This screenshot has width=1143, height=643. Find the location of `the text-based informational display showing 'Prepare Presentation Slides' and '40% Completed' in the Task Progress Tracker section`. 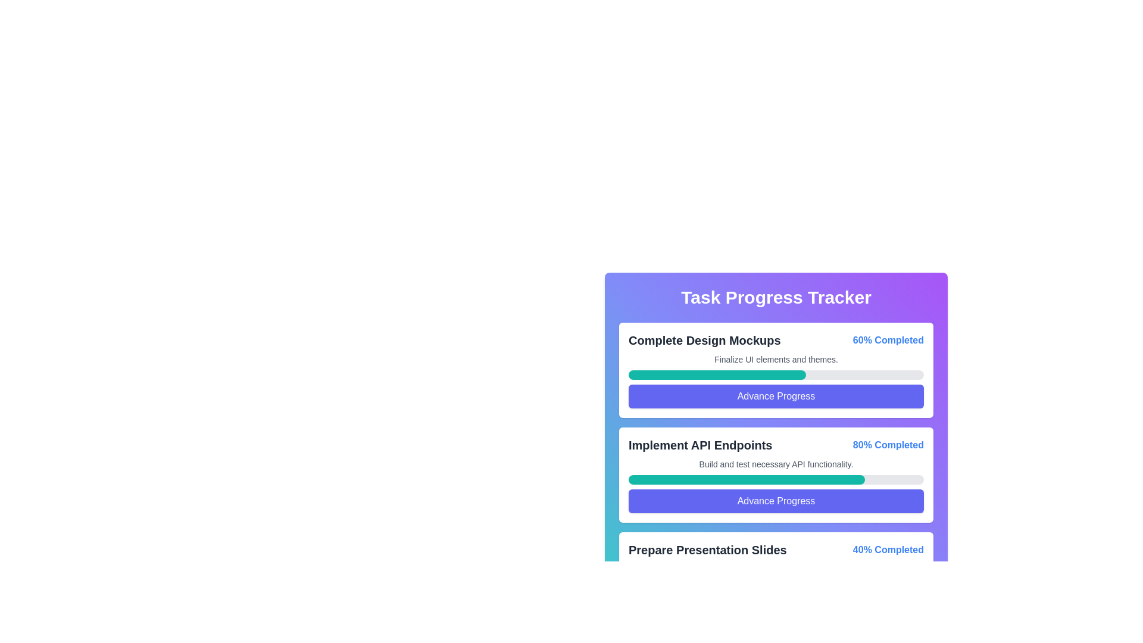

the text-based informational display showing 'Prepare Presentation Slides' and '40% Completed' in the Task Progress Tracker section is located at coordinates (776, 550).